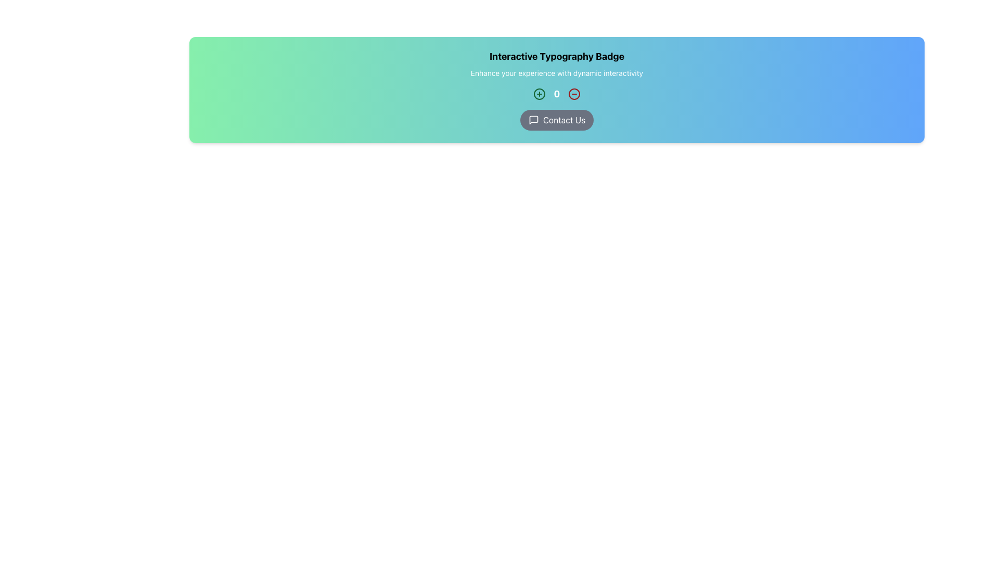  I want to click on the circular '+' icon in the interactive typography badge, which is the first in a row of three icons, suggesting an addition action, so click(539, 94).